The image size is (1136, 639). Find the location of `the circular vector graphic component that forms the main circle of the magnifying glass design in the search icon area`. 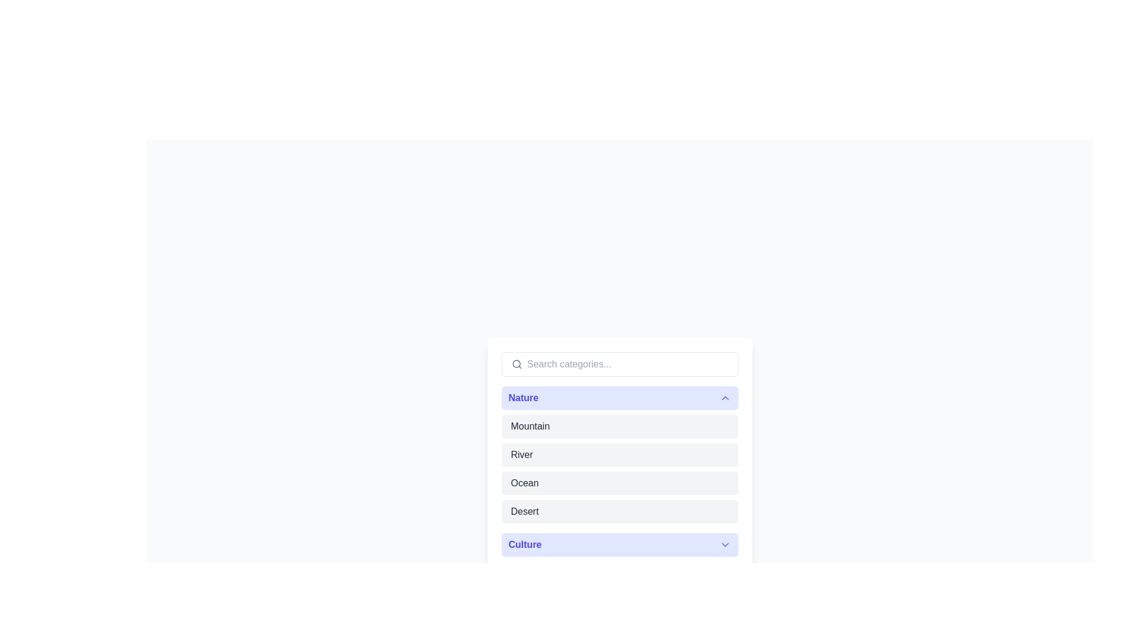

the circular vector graphic component that forms the main circle of the magnifying glass design in the search icon area is located at coordinates (517, 363).